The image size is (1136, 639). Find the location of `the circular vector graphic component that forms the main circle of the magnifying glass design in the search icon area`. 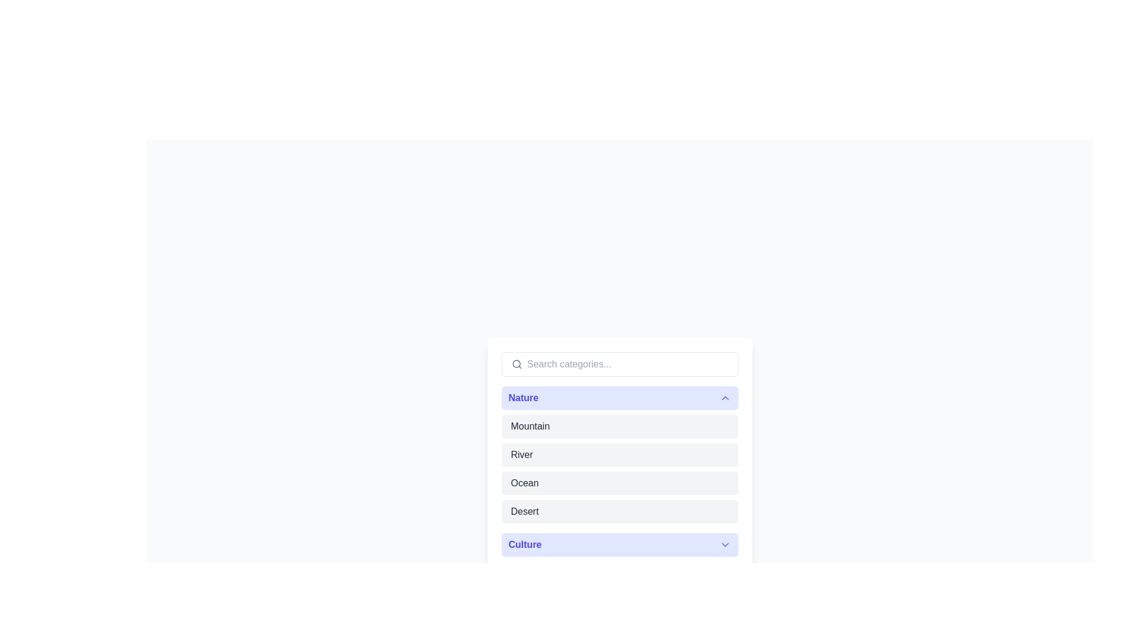

the circular vector graphic component that forms the main circle of the magnifying glass design in the search icon area is located at coordinates (517, 363).